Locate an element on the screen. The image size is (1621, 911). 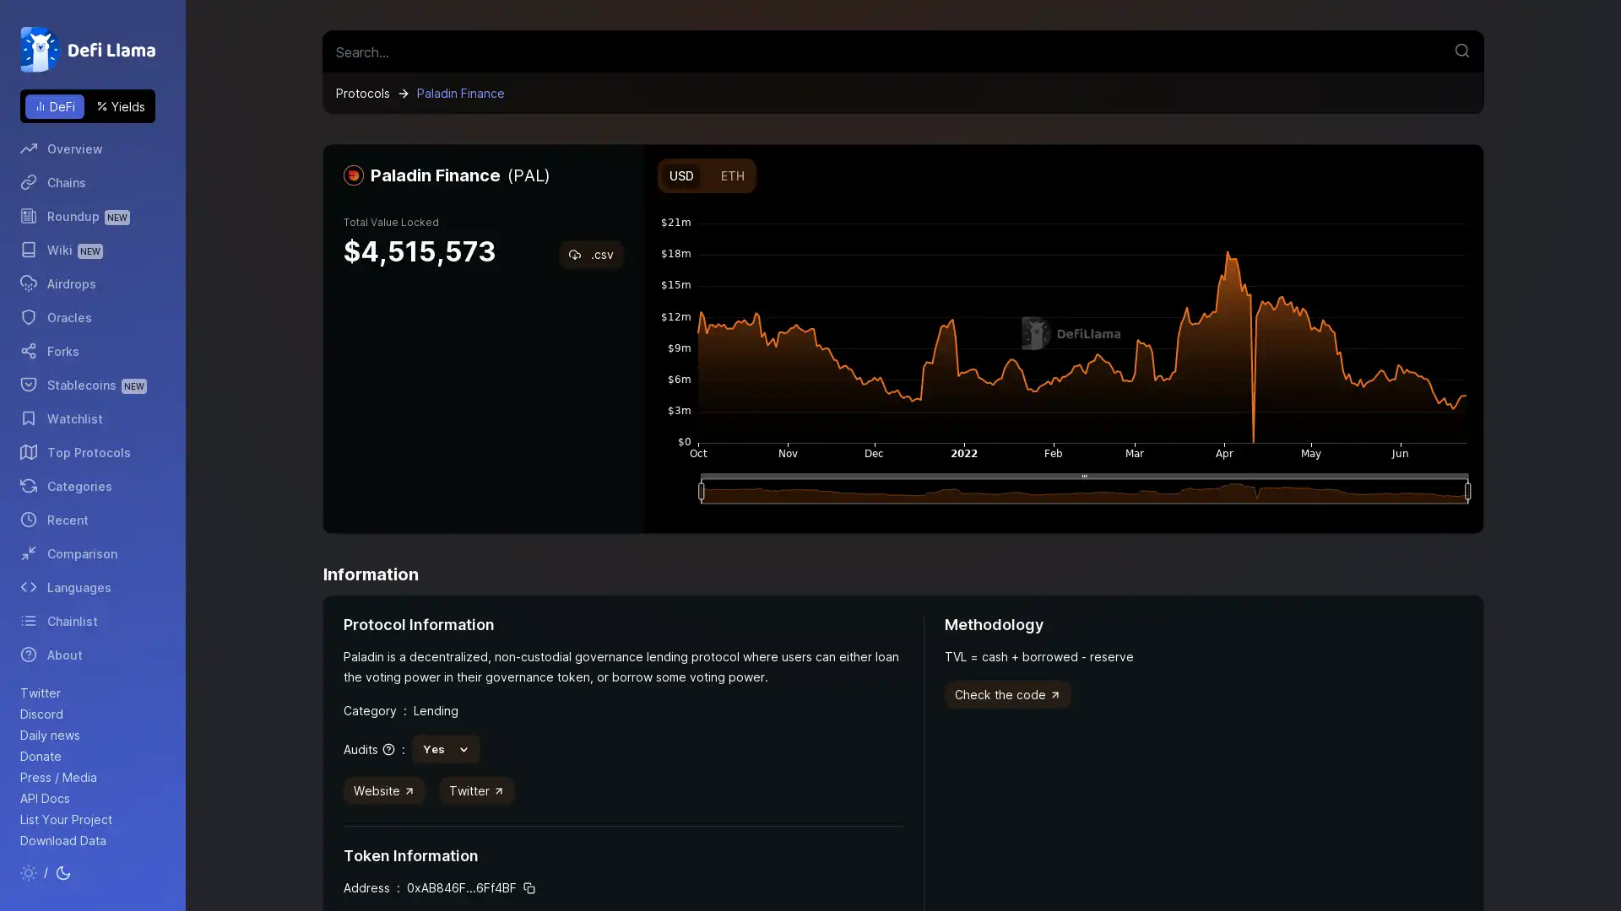
/ is located at coordinates (46, 873).